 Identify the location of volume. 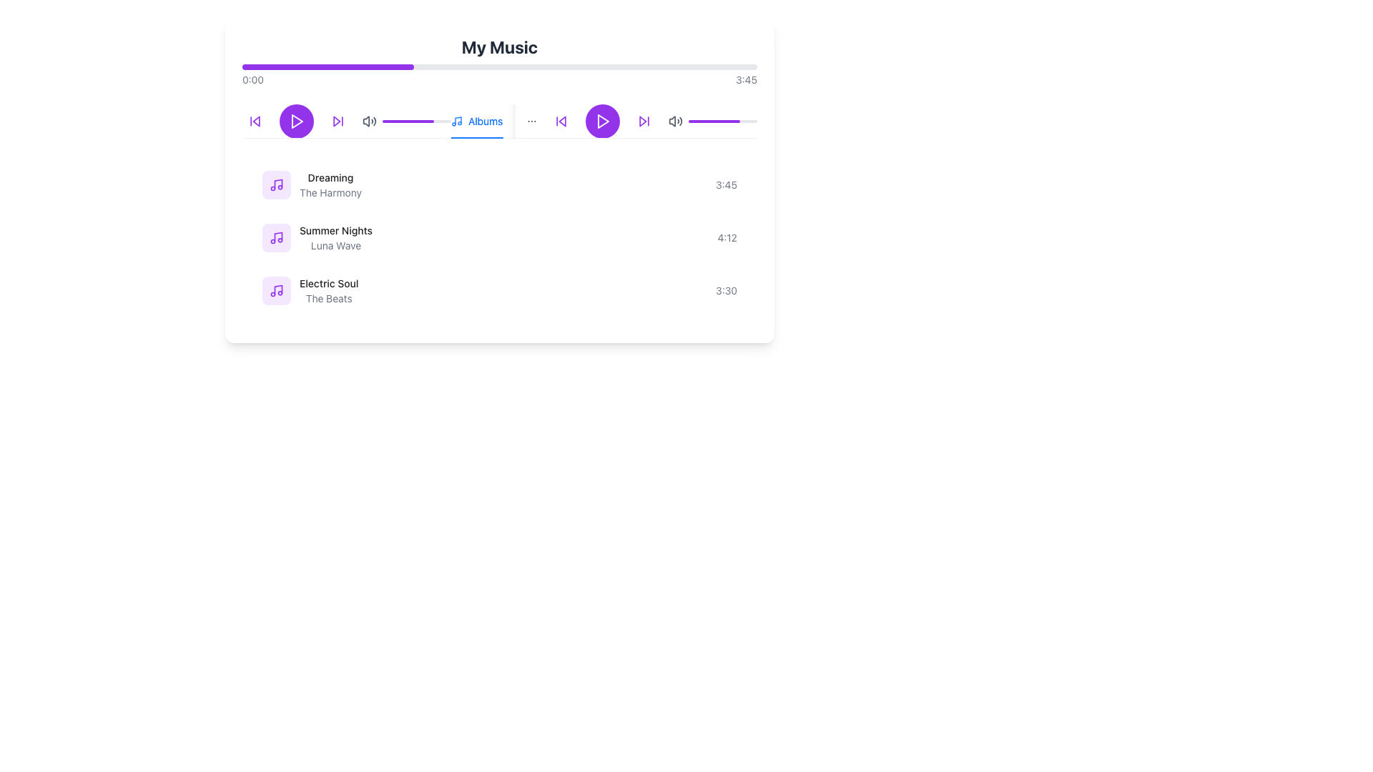
(717, 120).